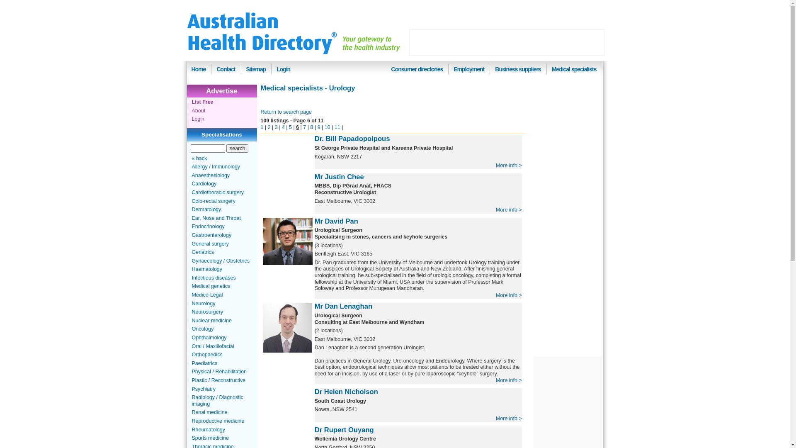 This screenshot has width=796, height=448. What do you see at coordinates (202, 252) in the screenshot?
I see `'Geriatrics'` at bounding box center [202, 252].